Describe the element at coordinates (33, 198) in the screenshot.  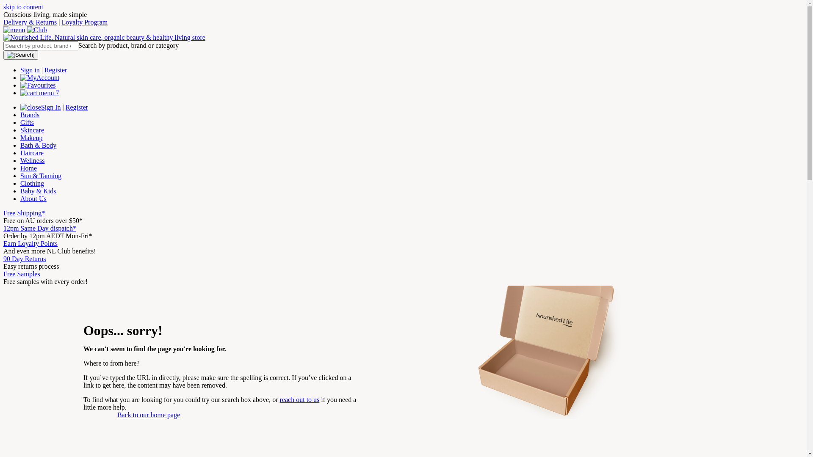
I see `'About Us'` at that location.